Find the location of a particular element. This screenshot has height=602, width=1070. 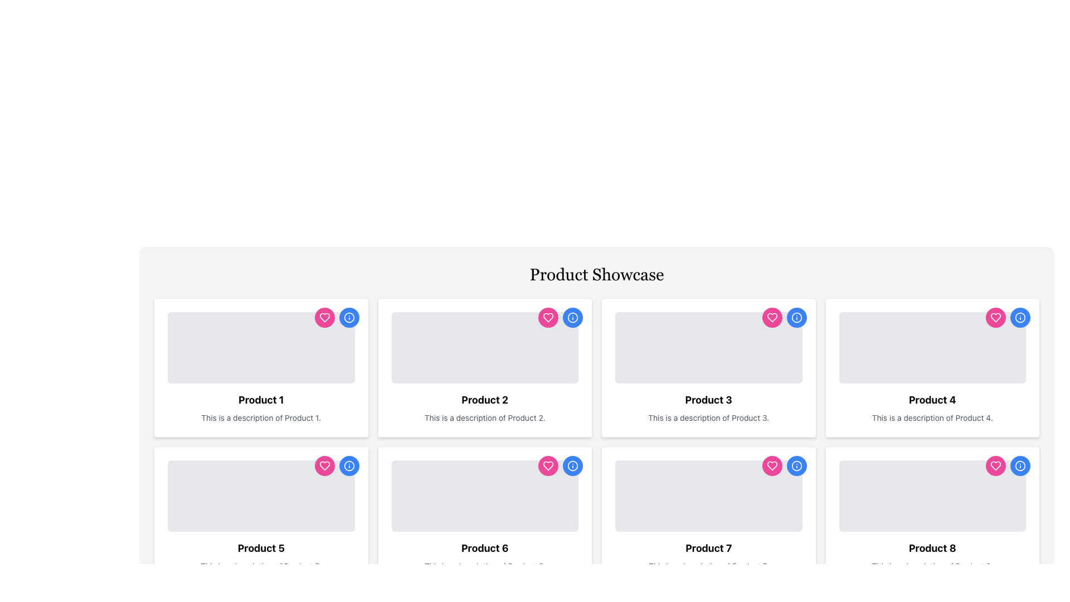

the second button at the bottom right of Product 8's card is located at coordinates (796, 466).